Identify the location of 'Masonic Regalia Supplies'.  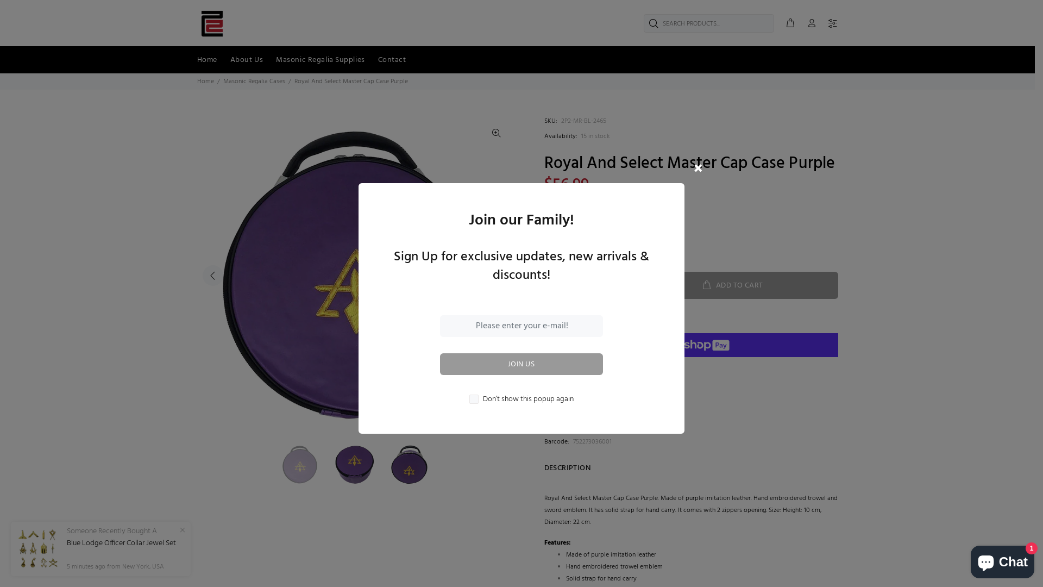
(319, 60).